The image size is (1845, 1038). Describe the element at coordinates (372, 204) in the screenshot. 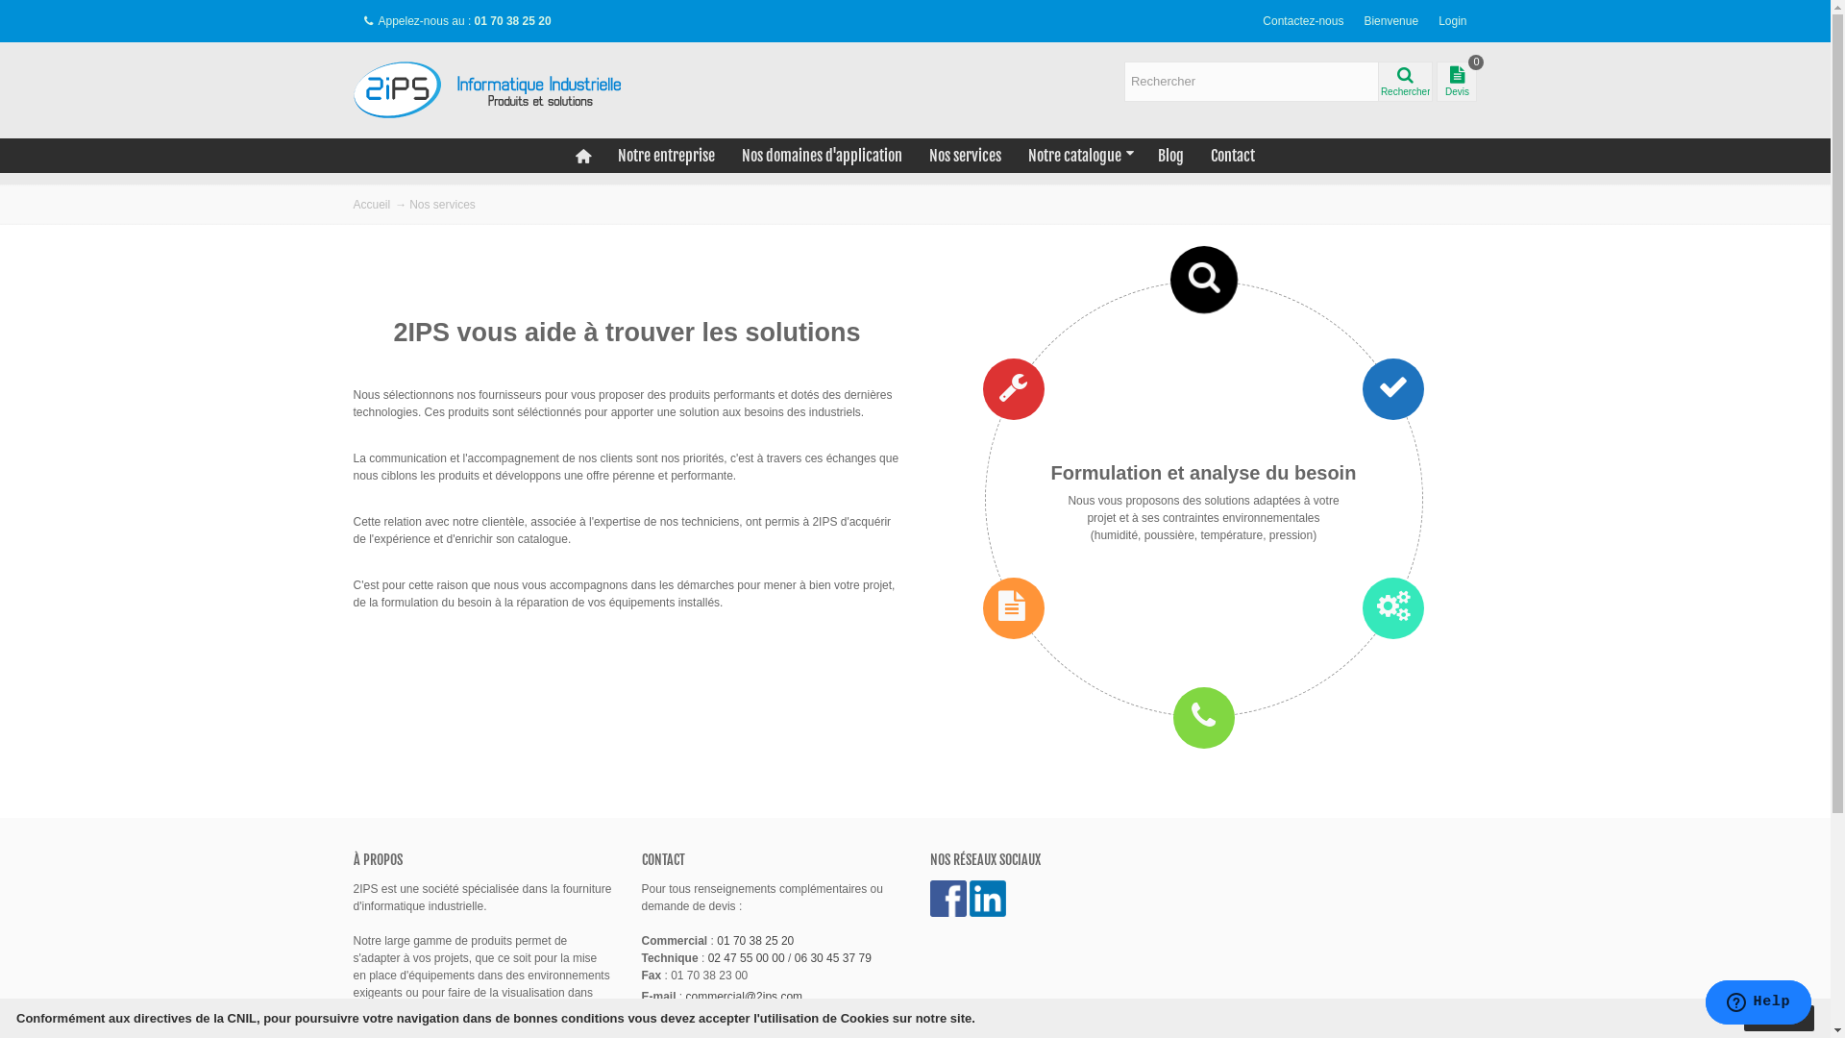

I see `'Accueil'` at that location.